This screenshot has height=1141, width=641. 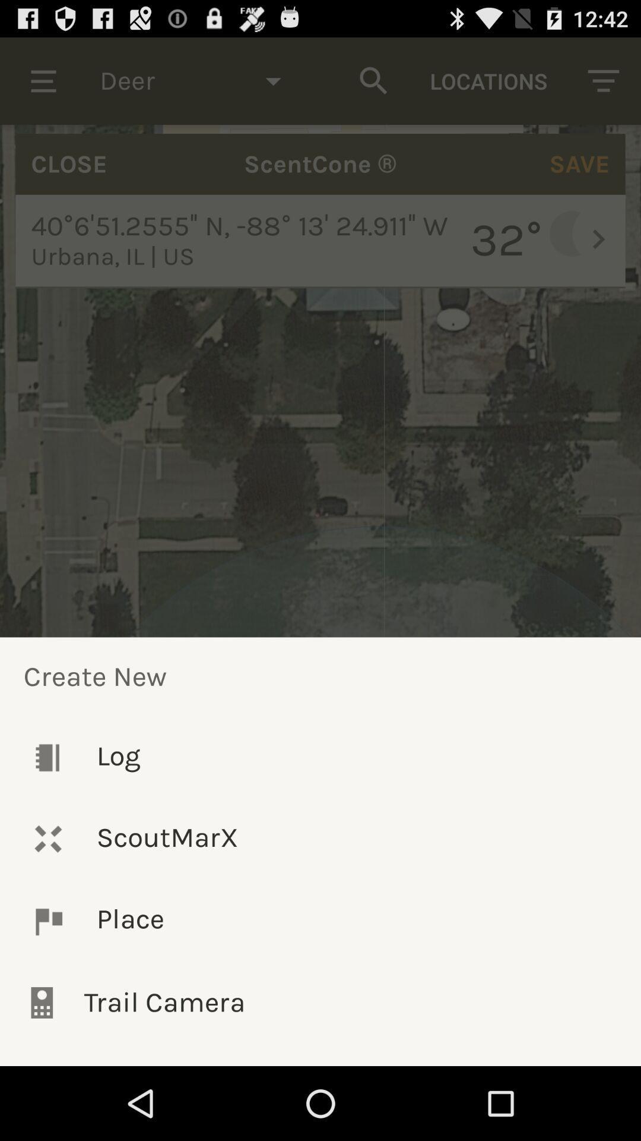 What do you see at coordinates (320, 1002) in the screenshot?
I see `item below place icon` at bounding box center [320, 1002].